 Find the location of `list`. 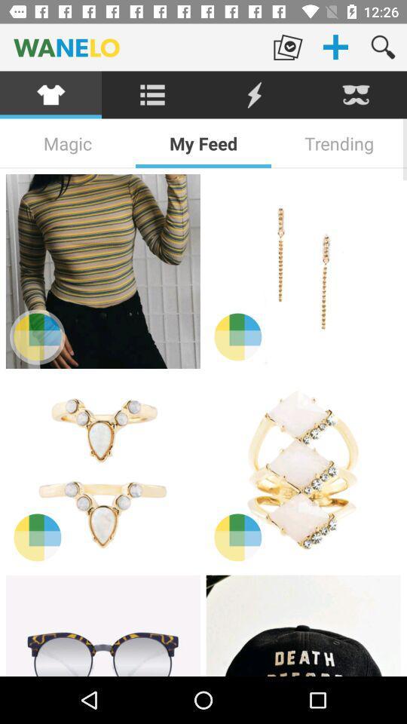

list is located at coordinates (152, 94).